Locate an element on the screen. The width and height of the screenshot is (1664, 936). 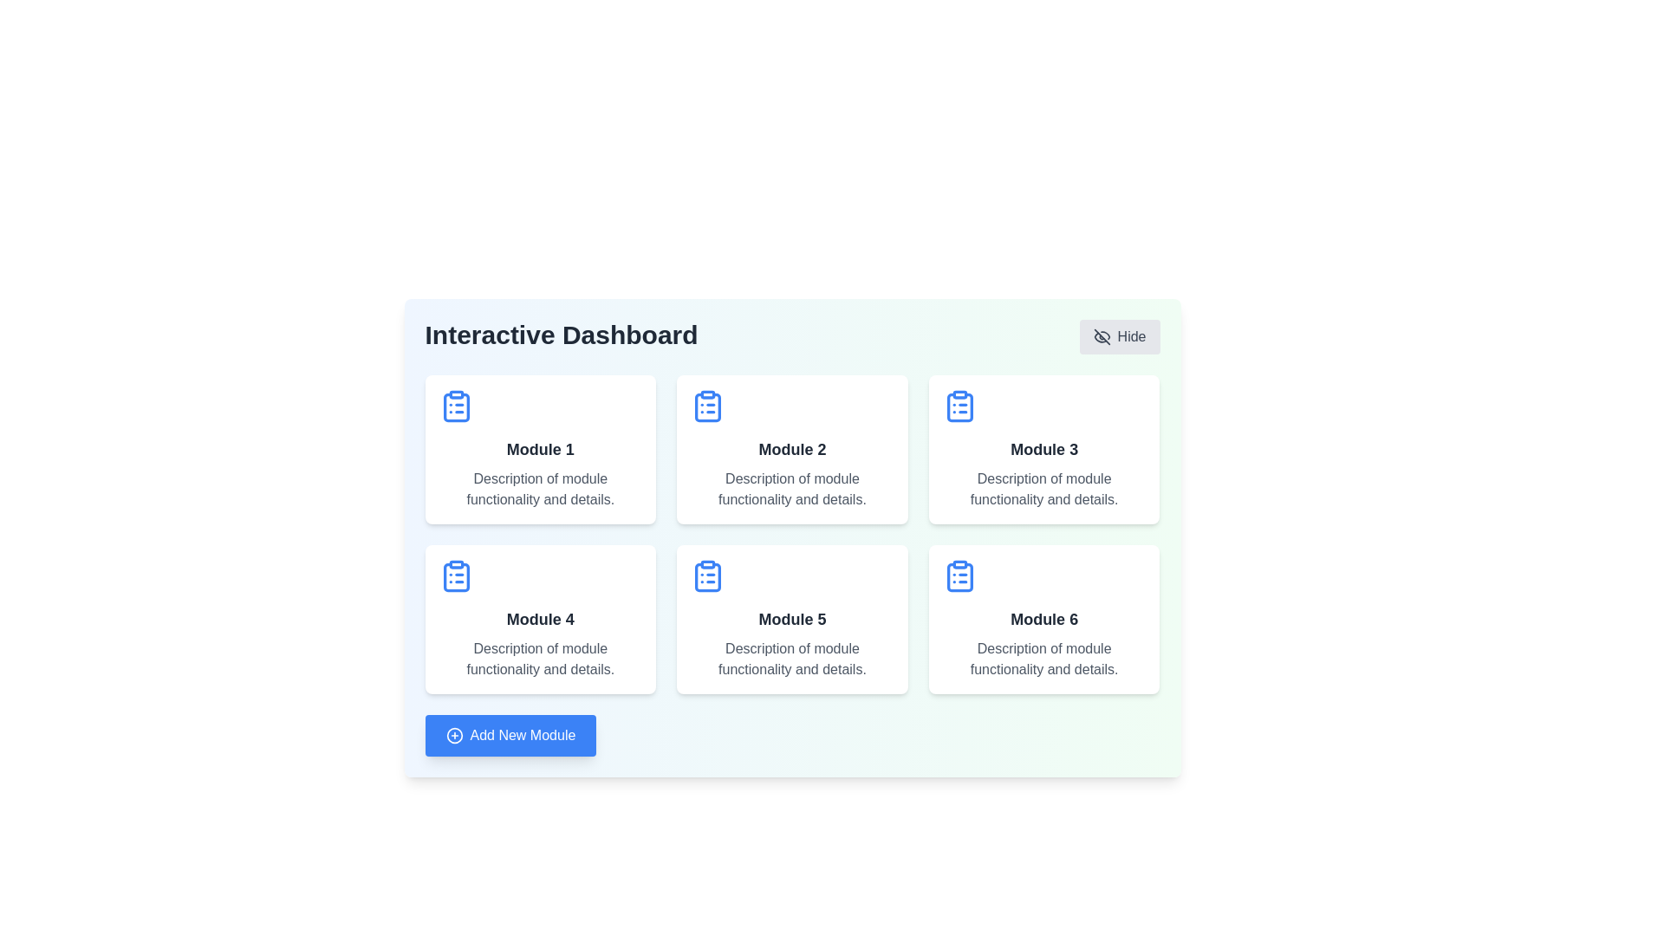
the decorative icon within the 'Add New Module' button for keyboard navigation is located at coordinates (454, 735).